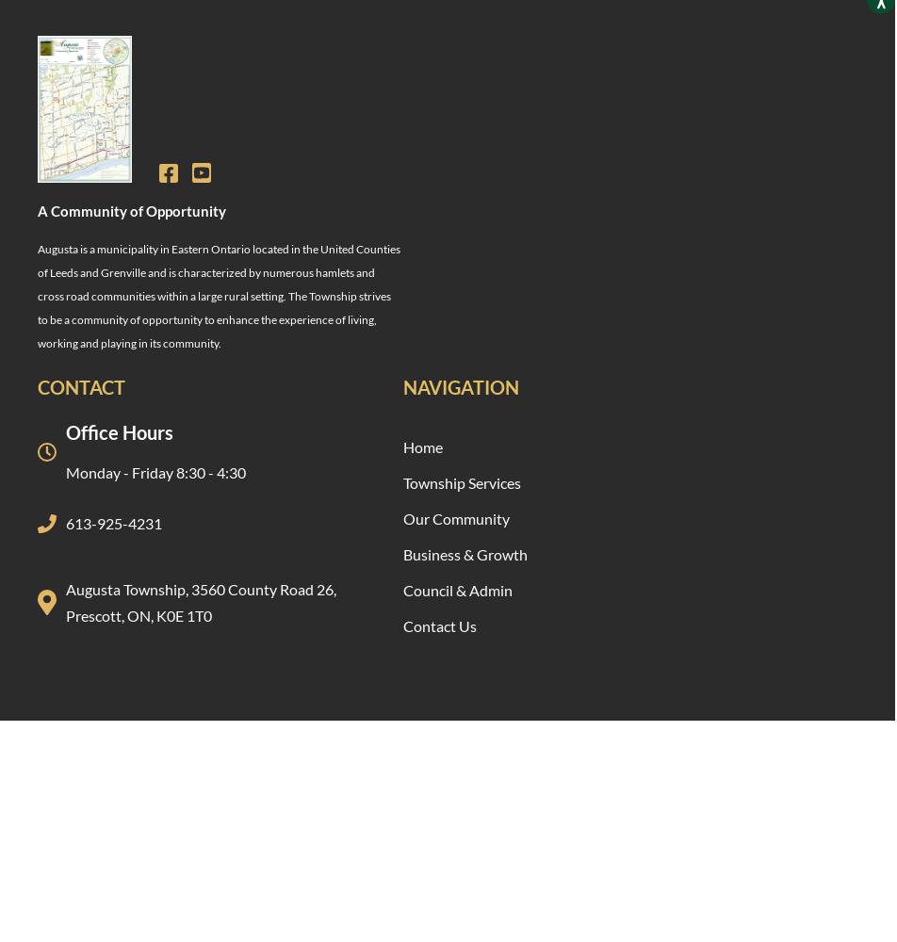  I want to click on 'Our Community', so click(456, 517).